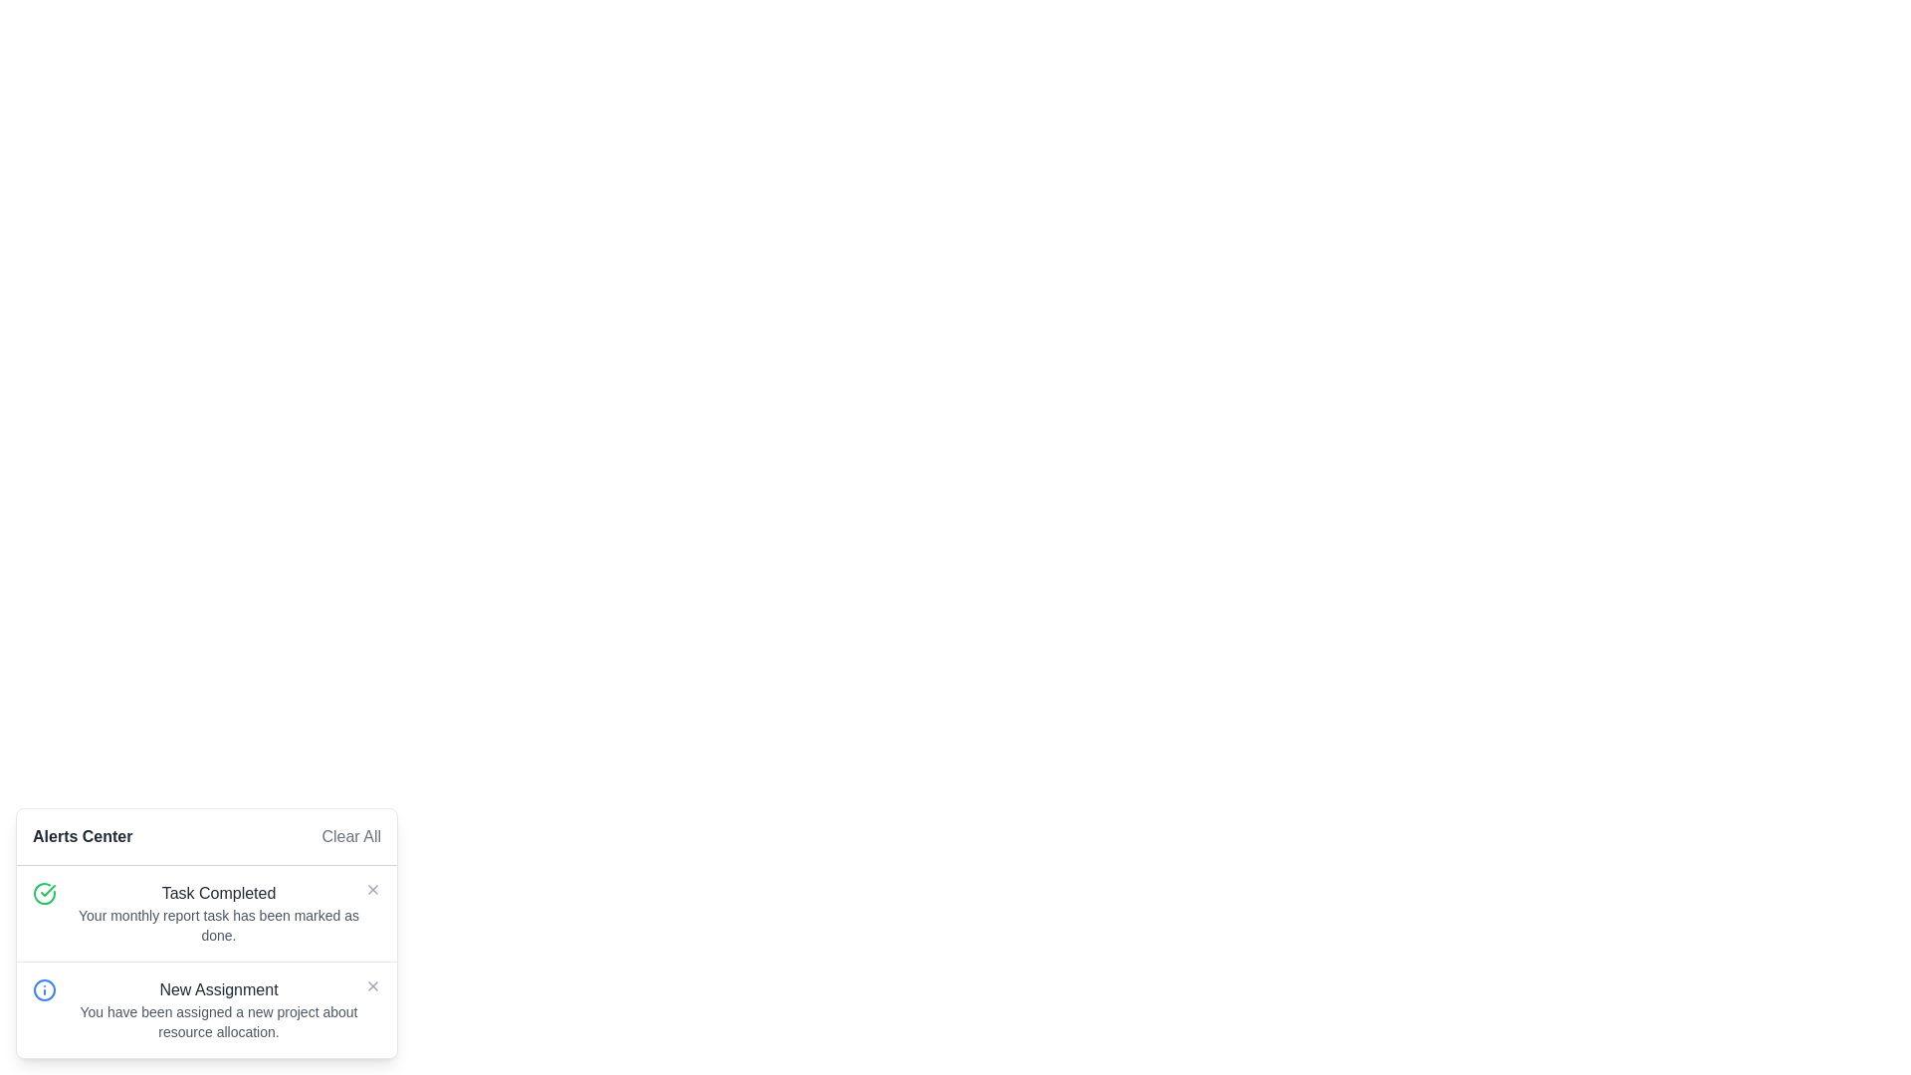 This screenshot has height=1075, width=1911. Describe the element at coordinates (219, 893) in the screenshot. I see `the heading text label in the 'Alerts Center' panel that indicates task completion, which is positioned at the top of the notification card` at that location.